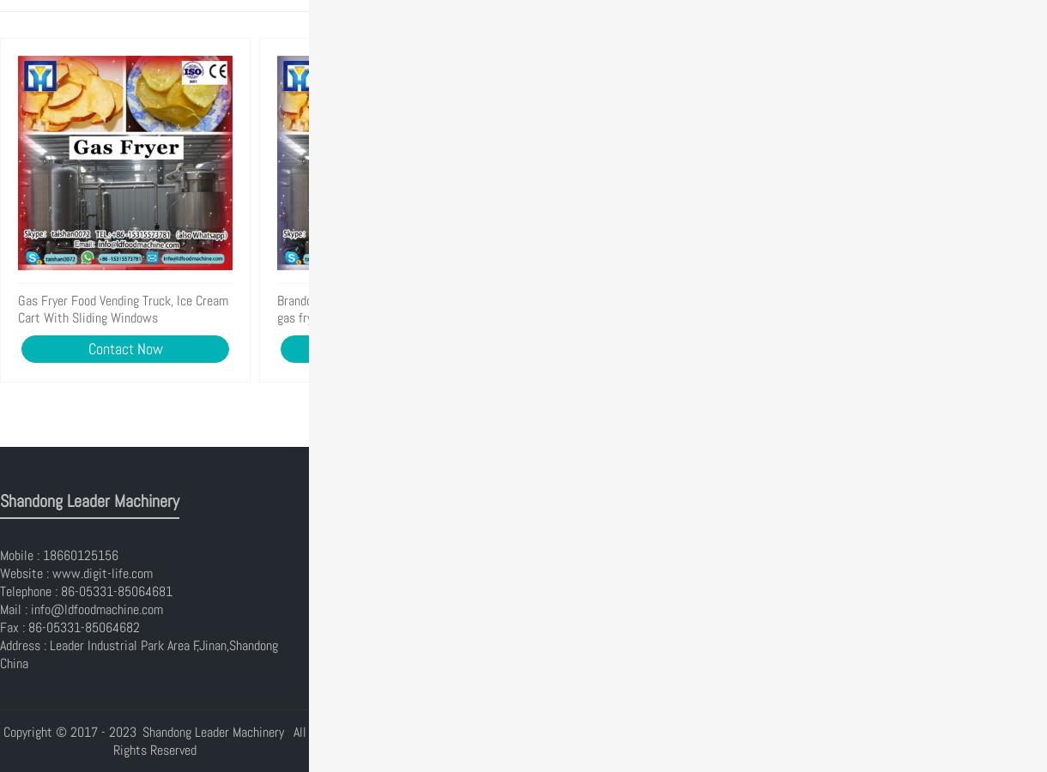  Describe the element at coordinates (0, 654) in the screenshot. I see `'Address : Leader Industrial Park Area F,Jinan,Shandong China'` at that location.